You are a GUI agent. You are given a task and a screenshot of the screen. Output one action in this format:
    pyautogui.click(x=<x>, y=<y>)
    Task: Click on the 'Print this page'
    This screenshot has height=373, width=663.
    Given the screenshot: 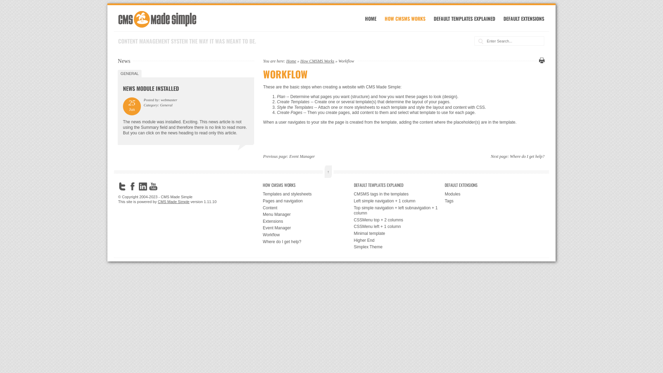 What is the action you would take?
    pyautogui.click(x=540, y=60)
    